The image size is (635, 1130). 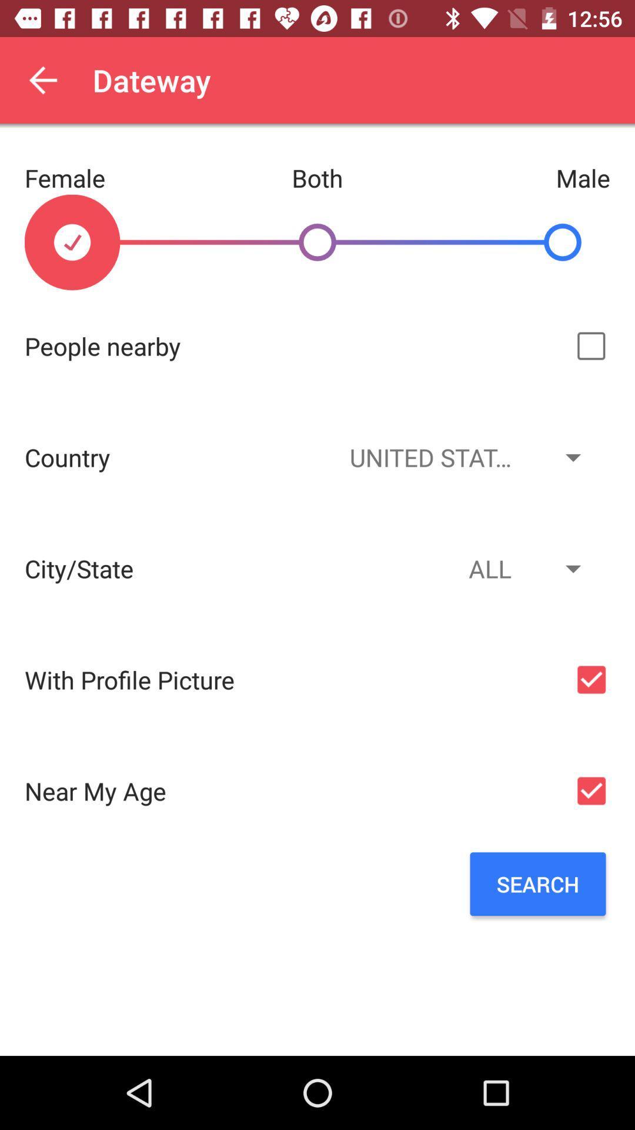 What do you see at coordinates (42, 79) in the screenshot?
I see `previous` at bounding box center [42, 79].